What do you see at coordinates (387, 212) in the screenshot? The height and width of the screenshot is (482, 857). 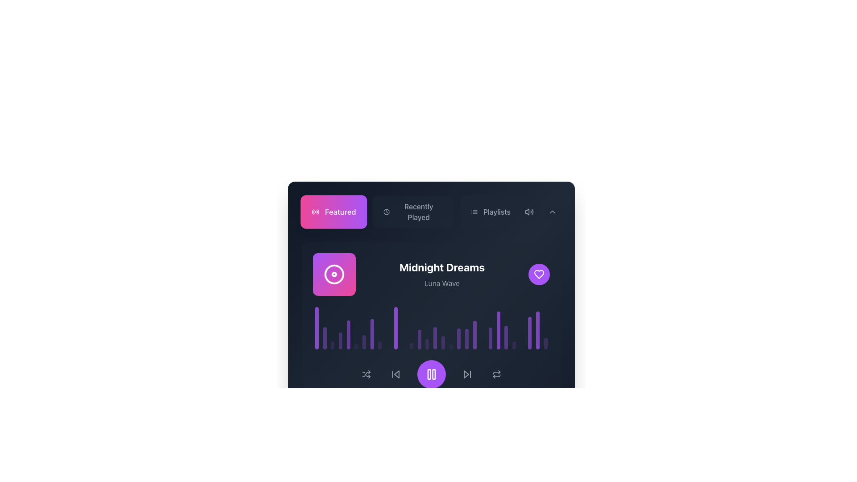 I see `the Circle element within the clock icon located in the top navigation bar, which visually represents the face of the clock` at bounding box center [387, 212].